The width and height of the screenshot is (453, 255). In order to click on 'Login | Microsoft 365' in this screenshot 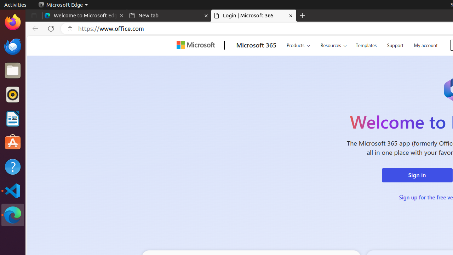, I will do `click(254, 16)`.